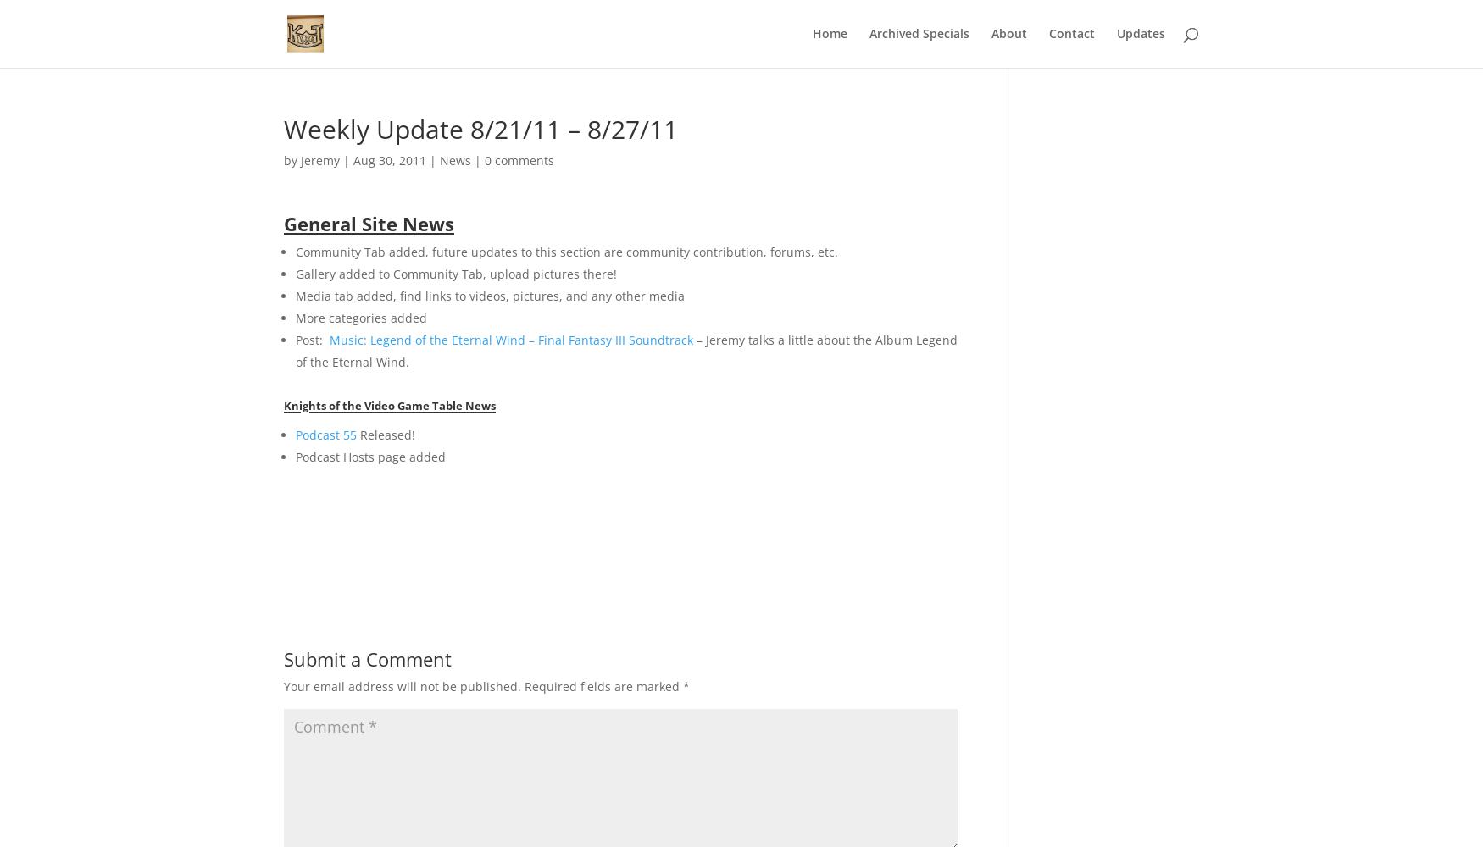 The width and height of the screenshot is (1483, 847). Describe the element at coordinates (454, 159) in the screenshot. I see `'News'` at that location.